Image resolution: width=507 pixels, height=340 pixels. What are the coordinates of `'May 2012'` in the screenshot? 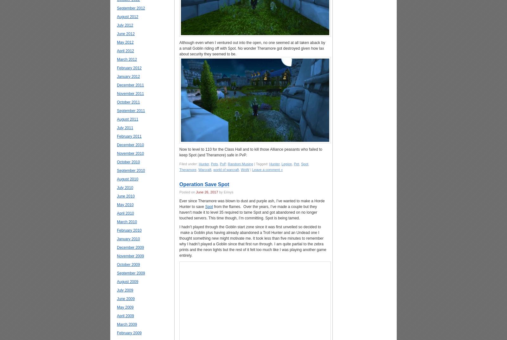 It's located at (117, 41).